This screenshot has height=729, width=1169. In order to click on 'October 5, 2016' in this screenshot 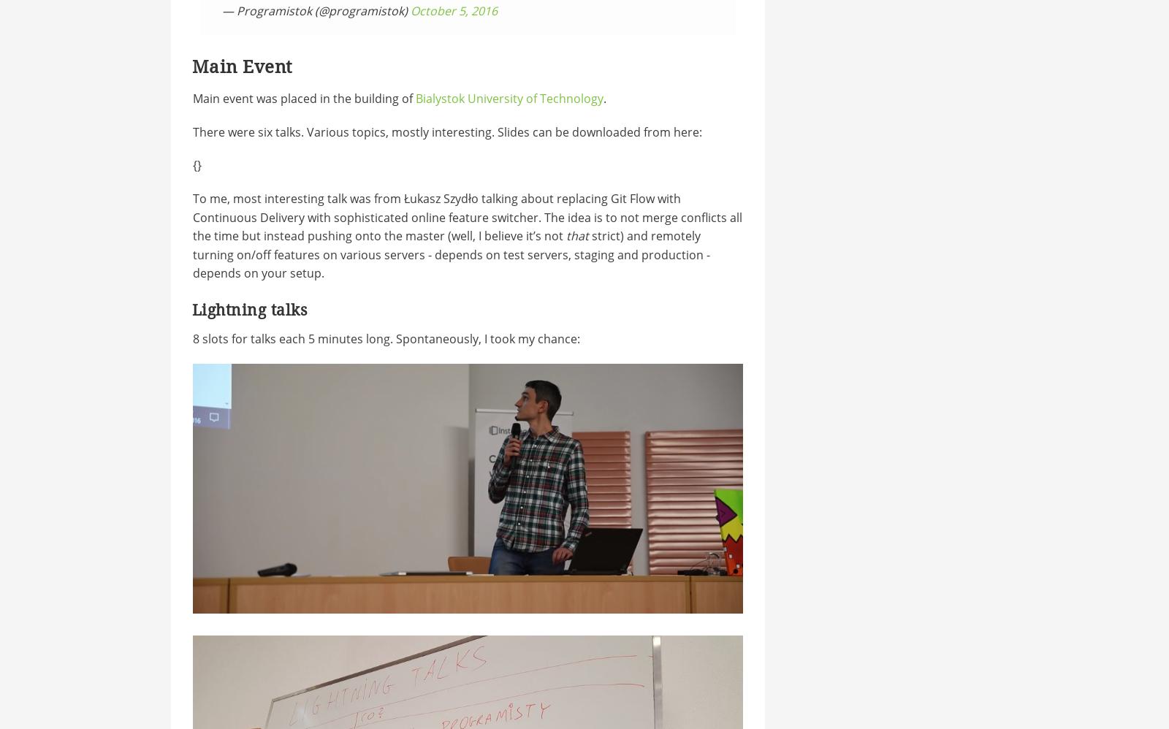, I will do `click(453, 10)`.